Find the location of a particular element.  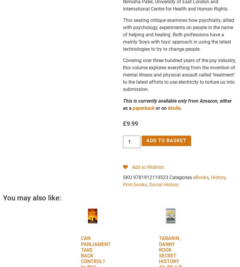

'This searing critique examines how psychiatry, allied with psychology, experiments on people in the name of helping and healing. Both professions have a mainly ‘boys with toys’ approach in using the latest technologies to try to change people.' is located at coordinates (178, 34).